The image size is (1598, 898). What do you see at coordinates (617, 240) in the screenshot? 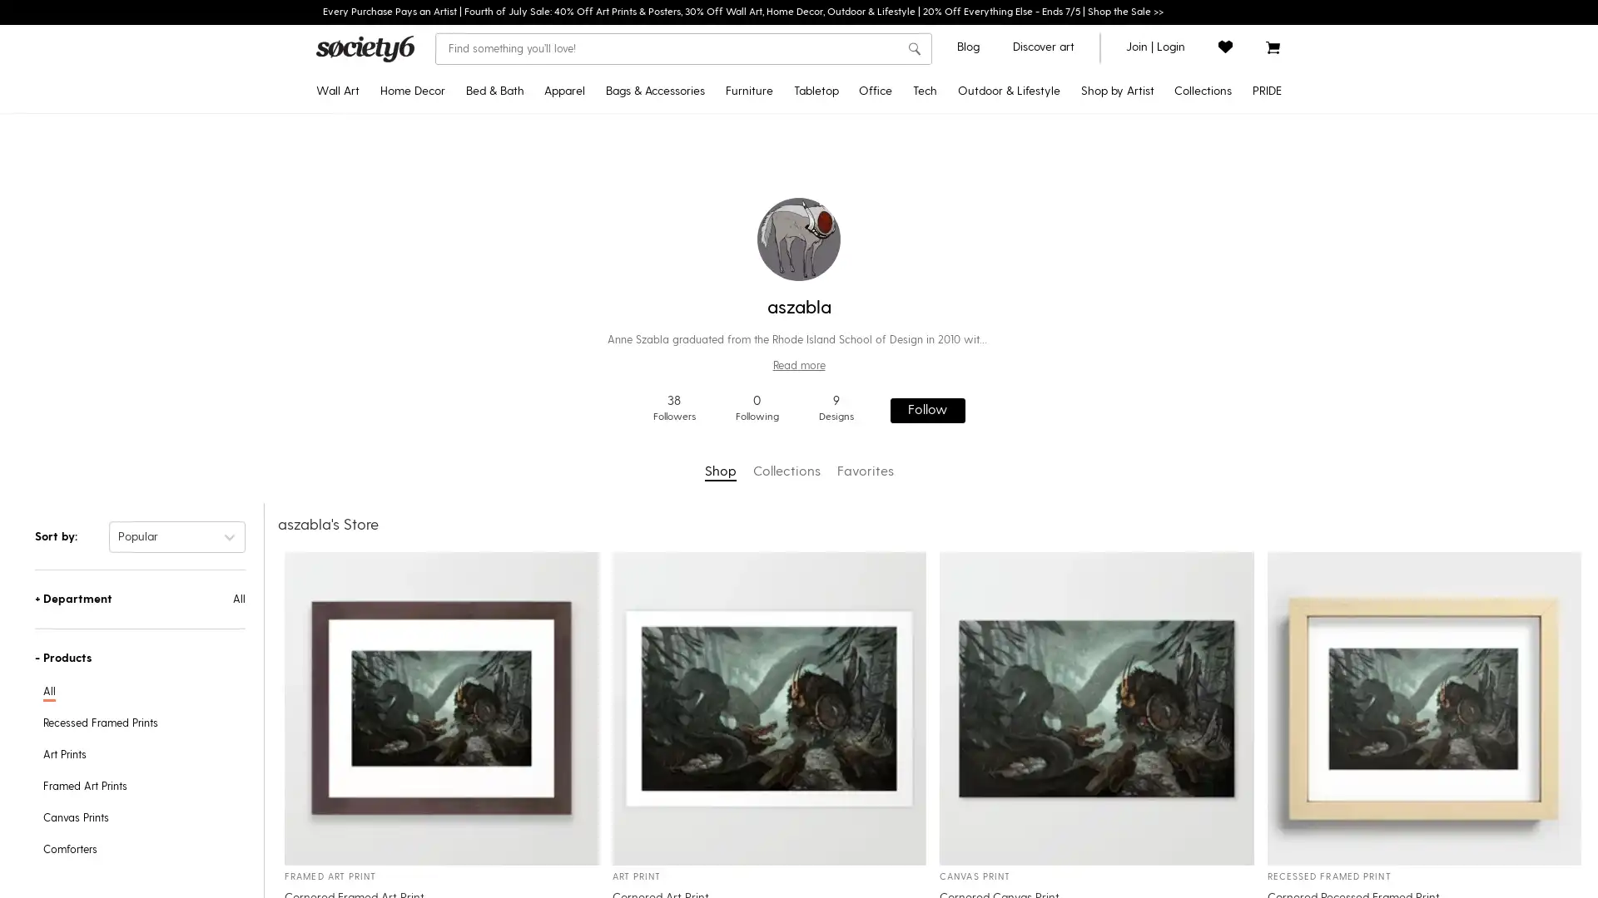
I see `All Over Graphic Tees` at bounding box center [617, 240].